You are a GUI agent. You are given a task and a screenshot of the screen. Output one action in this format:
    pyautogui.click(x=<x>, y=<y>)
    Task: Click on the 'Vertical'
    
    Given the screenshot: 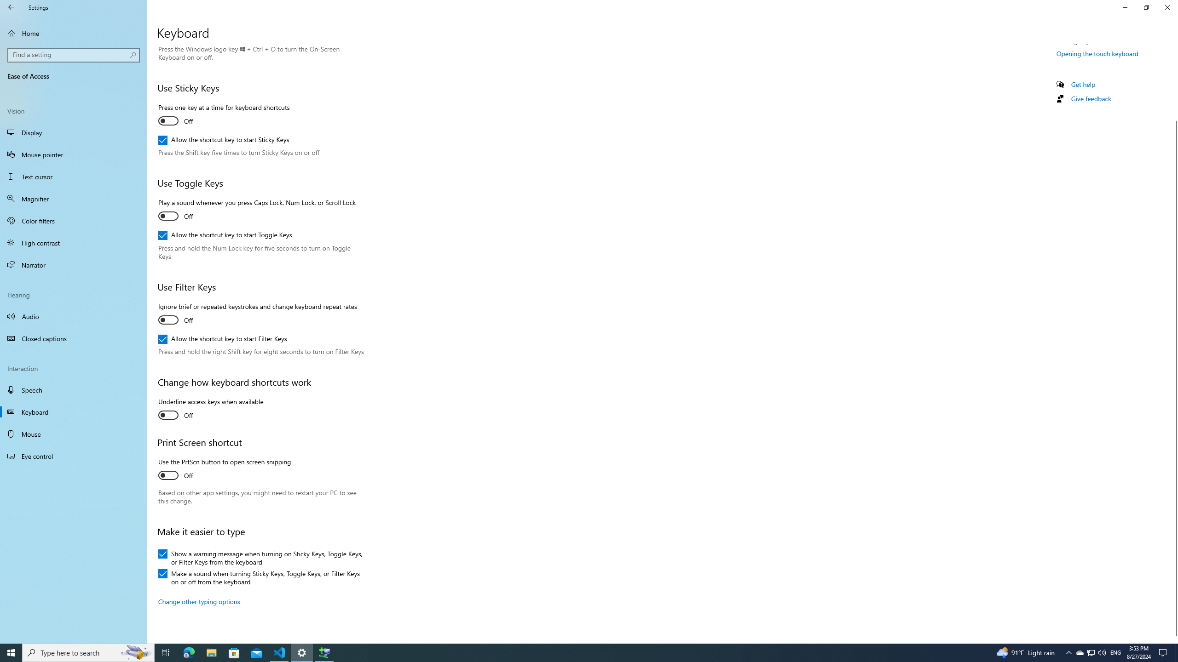 What is the action you would take?
    pyautogui.click(x=1174, y=343)
    